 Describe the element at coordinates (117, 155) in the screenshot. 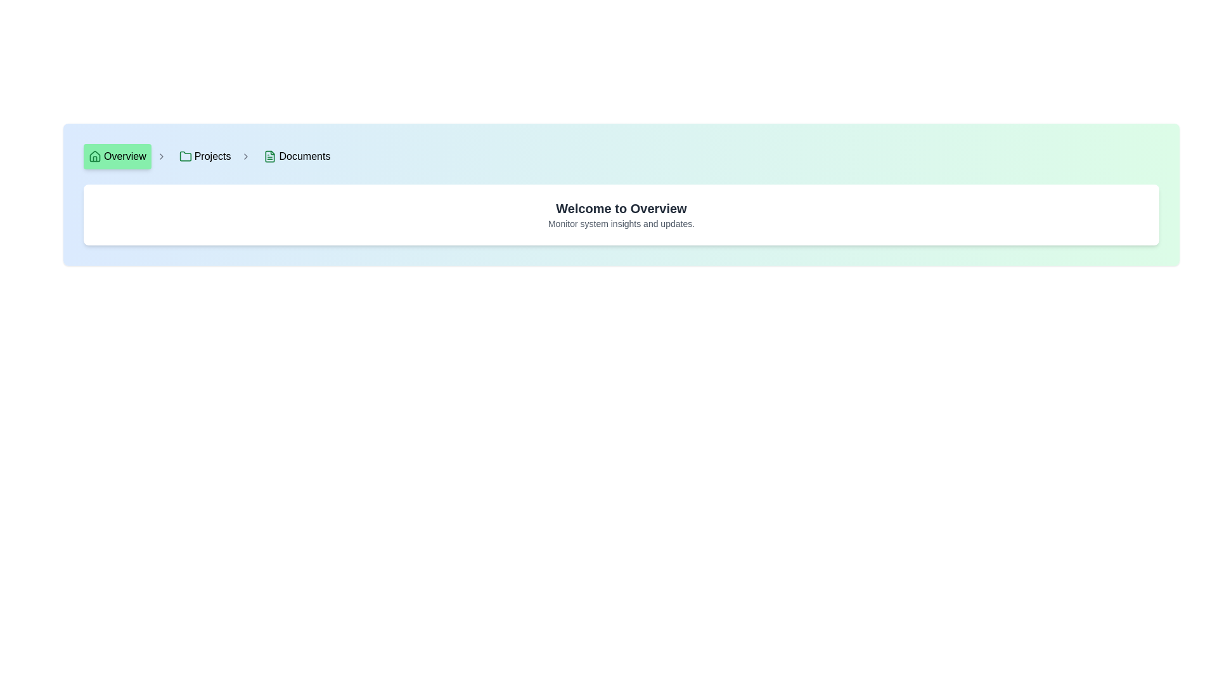

I see `the 'Overview' button in the breadcrumb navigation bar` at that location.